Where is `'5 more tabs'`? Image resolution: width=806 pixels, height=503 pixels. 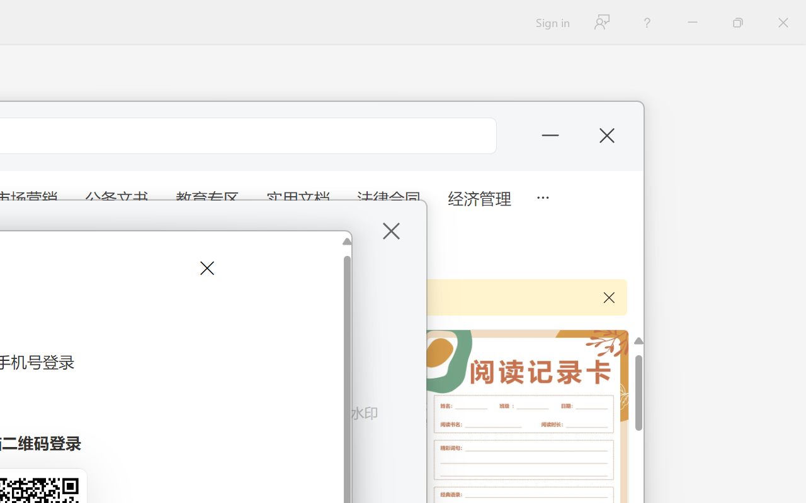 '5 more tabs' is located at coordinates (542, 196).